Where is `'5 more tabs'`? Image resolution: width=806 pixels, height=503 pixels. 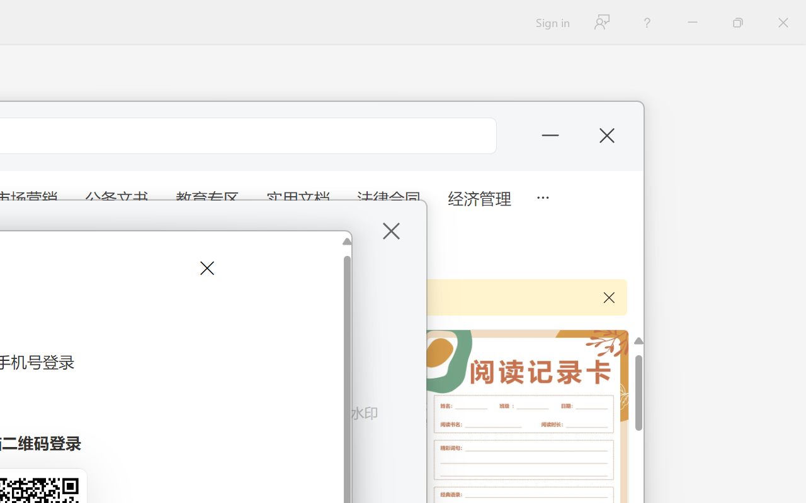 '5 more tabs' is located at coordinates (542, 196).